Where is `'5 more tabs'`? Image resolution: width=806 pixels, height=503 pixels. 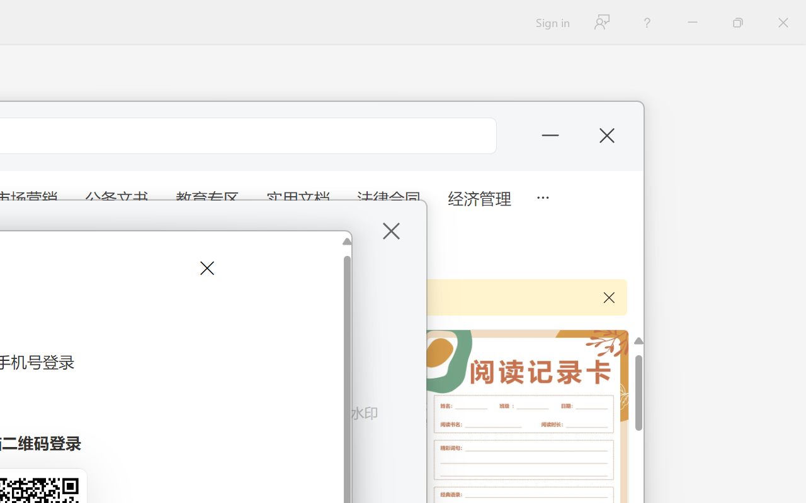 '5 more tabs' is located at coordinates (542, 196).